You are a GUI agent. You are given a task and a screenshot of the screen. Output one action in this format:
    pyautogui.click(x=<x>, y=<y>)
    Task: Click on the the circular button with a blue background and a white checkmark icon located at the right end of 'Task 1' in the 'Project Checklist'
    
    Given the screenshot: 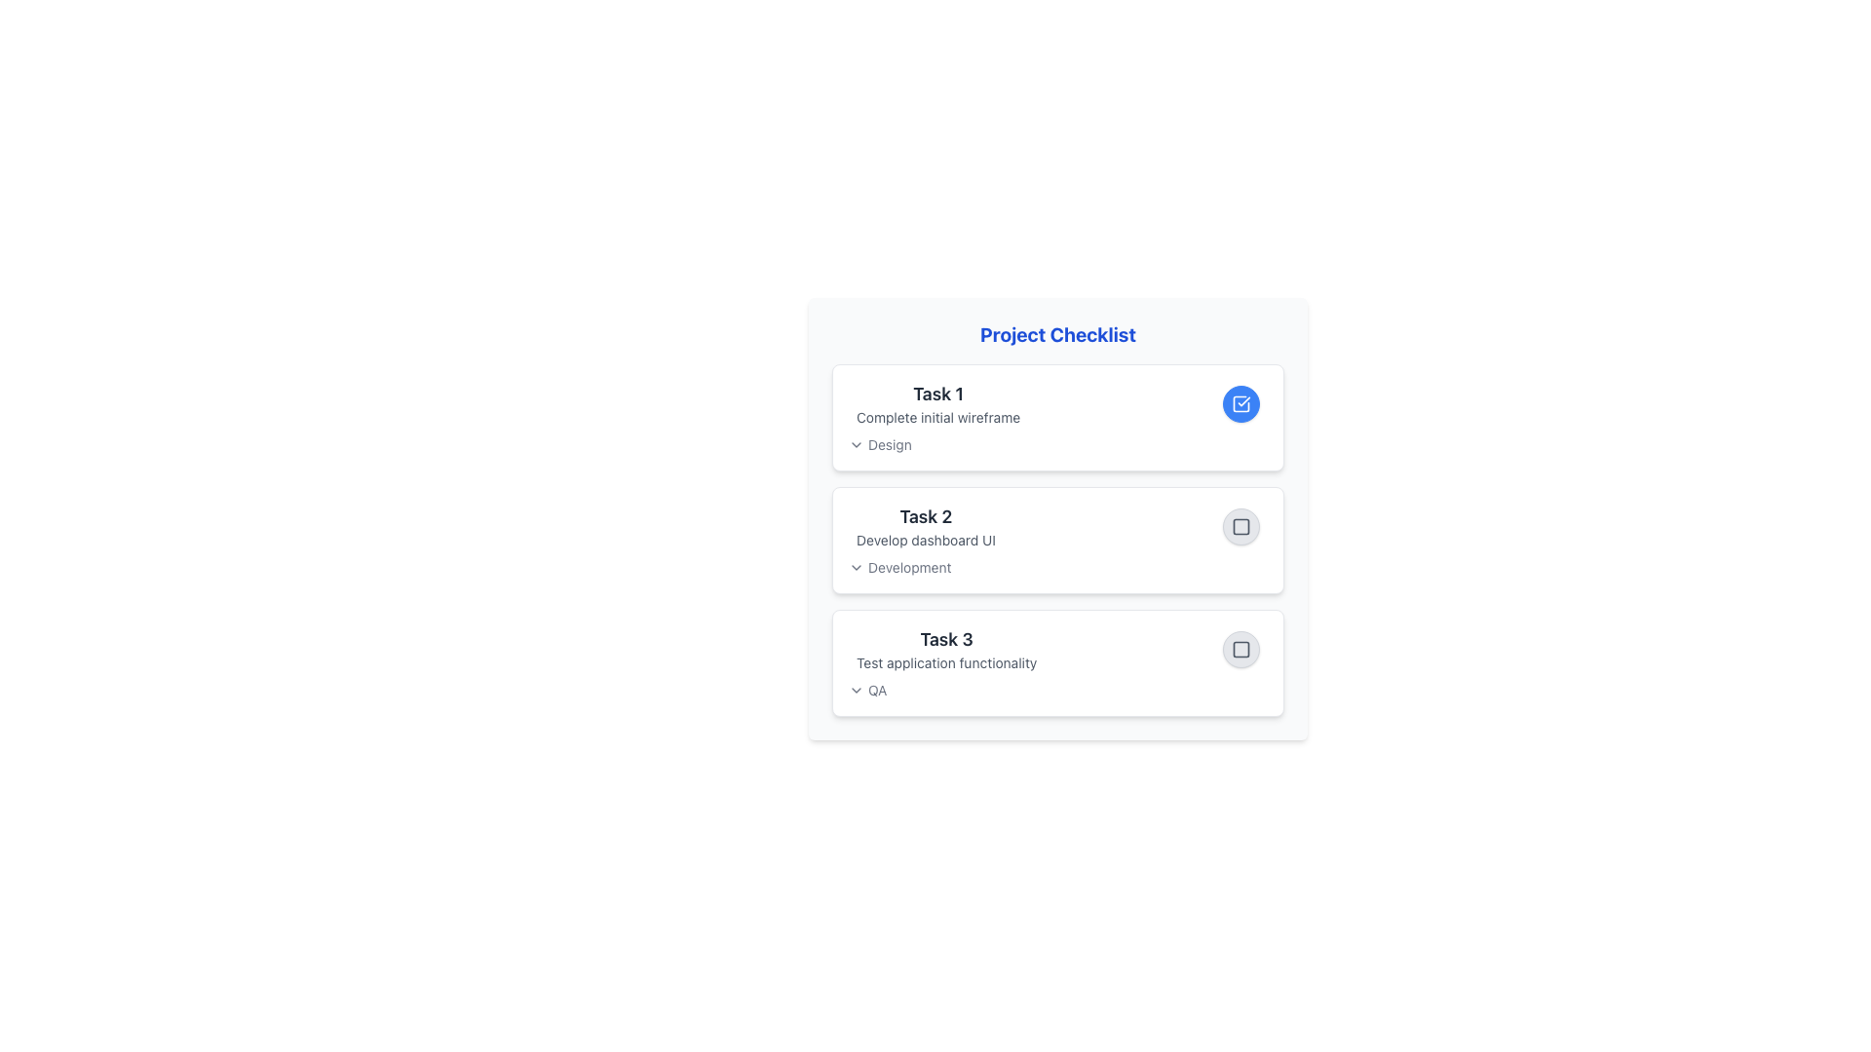 What is the action you would take?
    pyautogui.click(x=1240, y=403)
    